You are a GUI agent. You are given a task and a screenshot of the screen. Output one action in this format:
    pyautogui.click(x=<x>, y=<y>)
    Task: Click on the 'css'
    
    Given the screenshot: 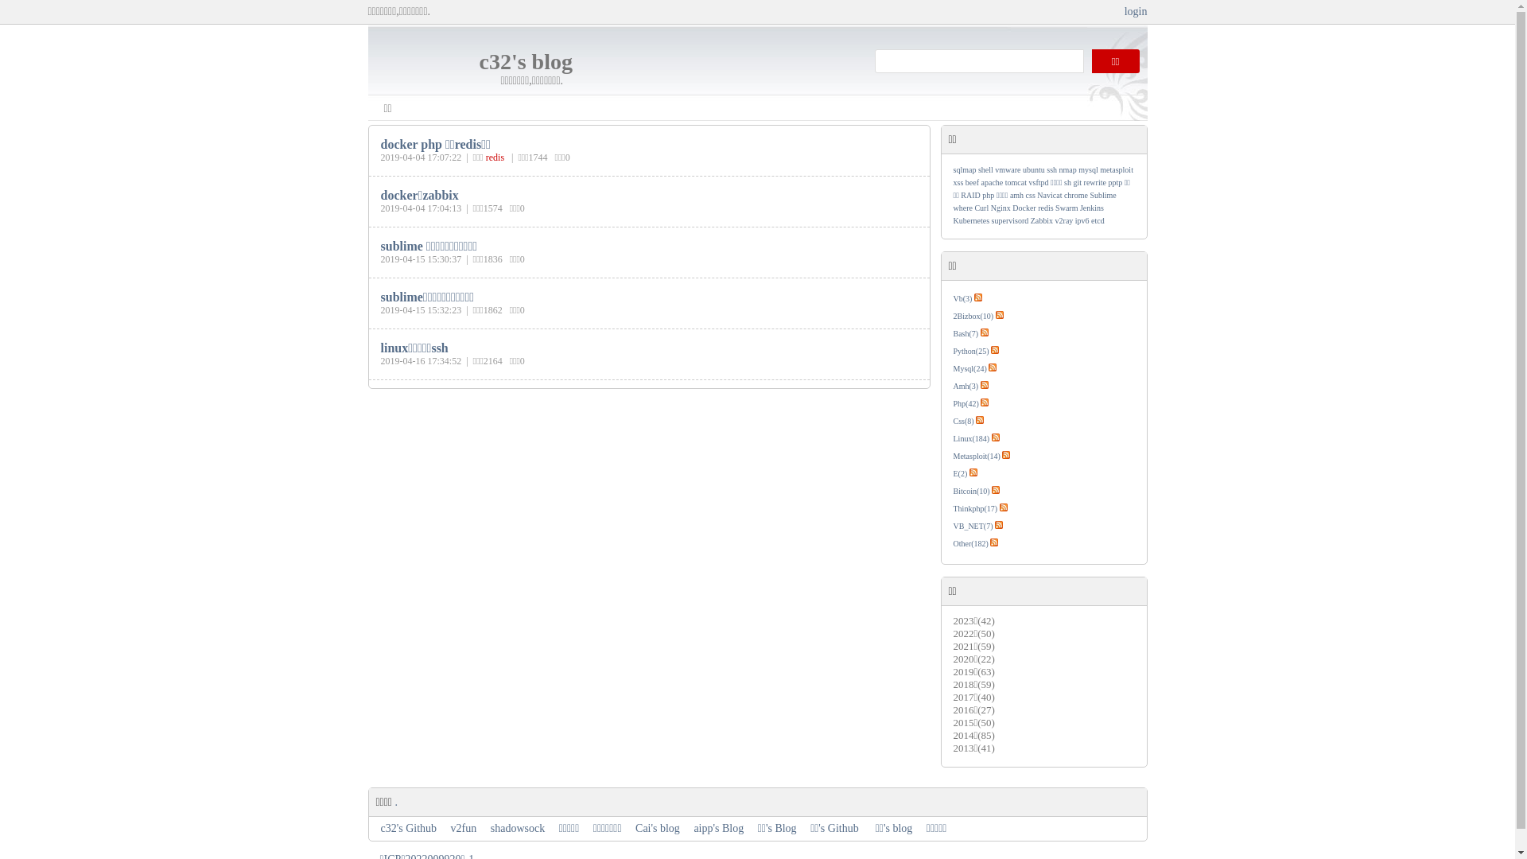 What is the action you would take?
    pyautogui.click(x=1031, y=194)
    